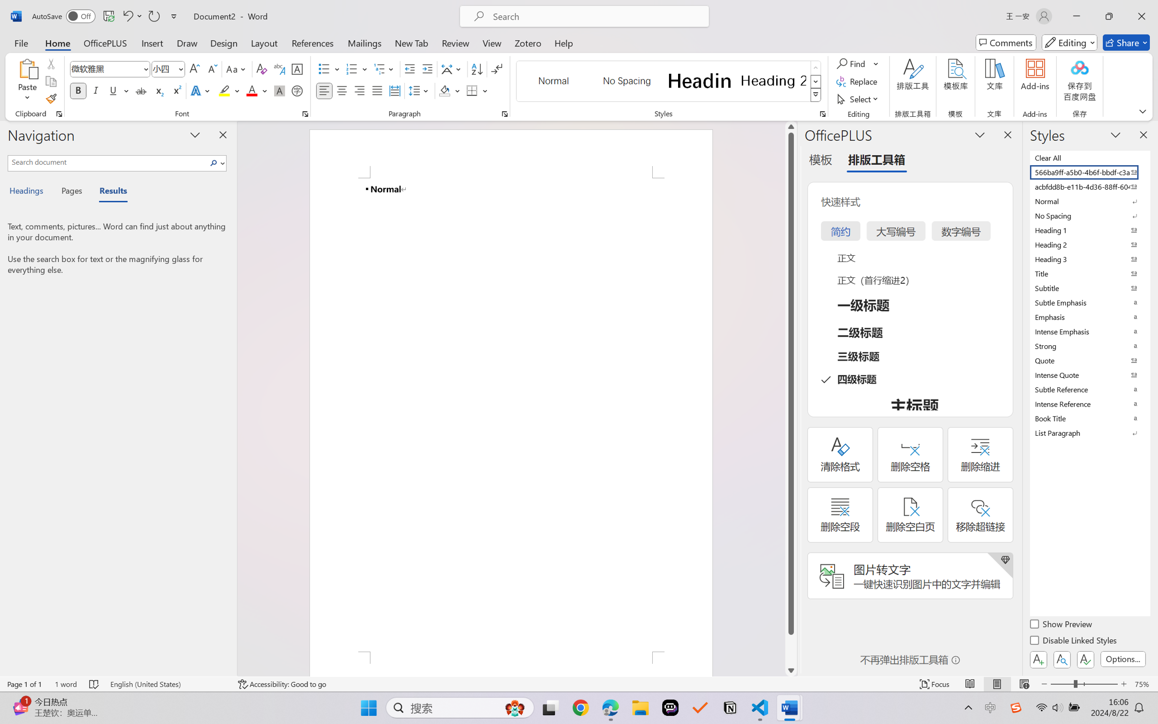 The width and height of the screenshot is (1158, 724). Describe the element at coordinates (50, 81) in the screenshot. I see `'Copy'` at that location.